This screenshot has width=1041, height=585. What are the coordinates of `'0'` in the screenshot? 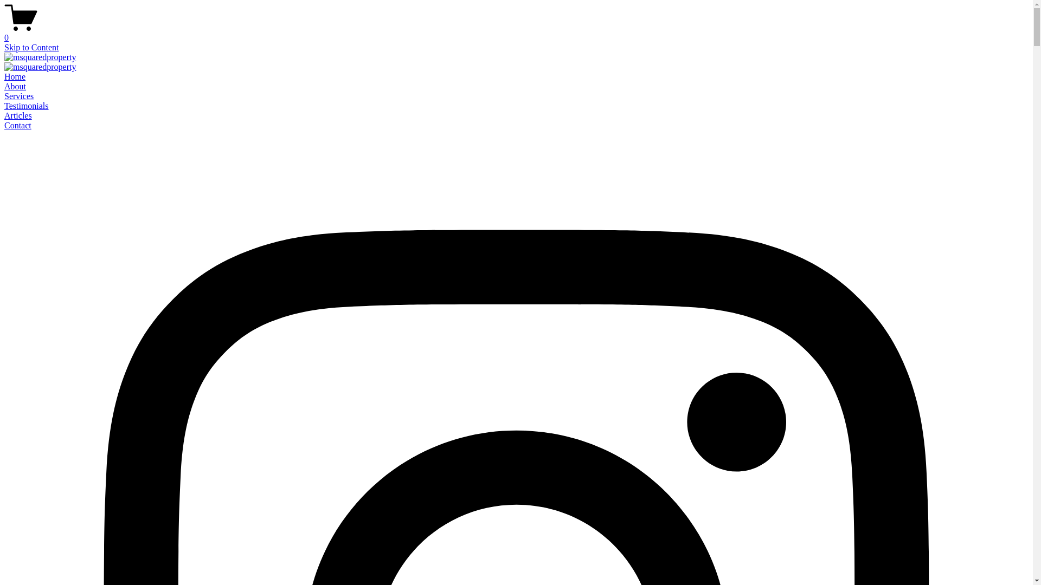 It's located at (516, 32).